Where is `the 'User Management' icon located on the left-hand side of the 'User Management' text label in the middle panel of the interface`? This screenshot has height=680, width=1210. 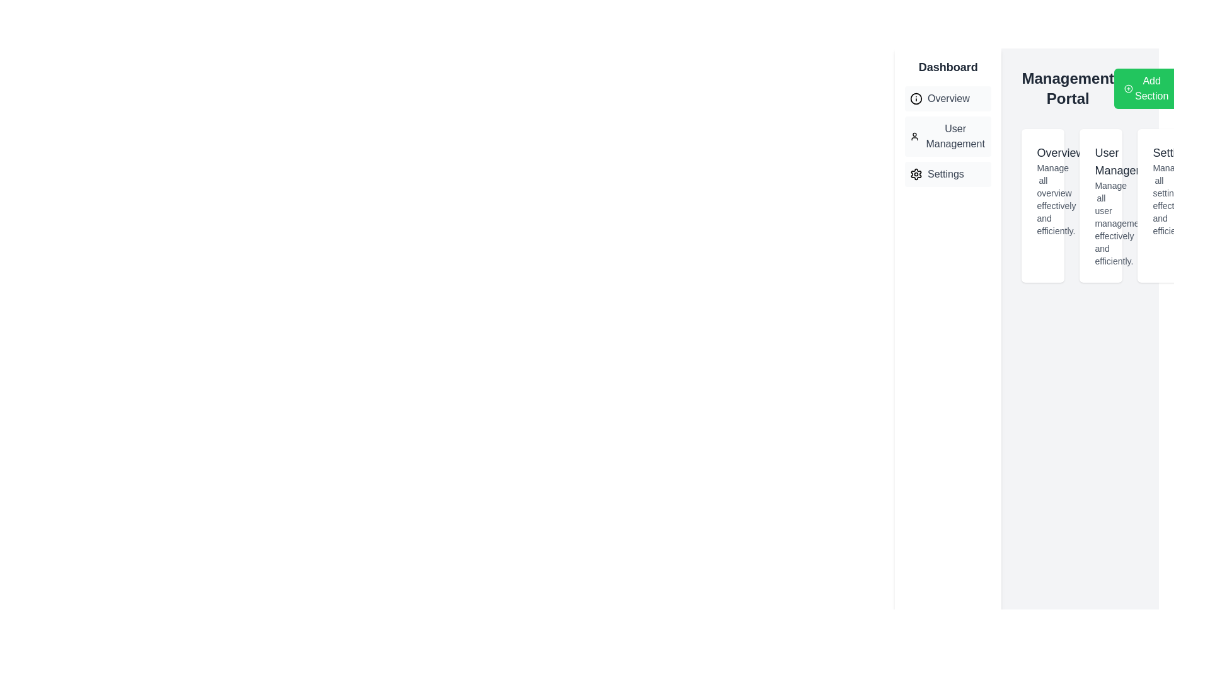 the 'User Management' icon located on the left-hand side of the 'User Management' text label in the middle panel of the interface is located at coordinates (914, 136).